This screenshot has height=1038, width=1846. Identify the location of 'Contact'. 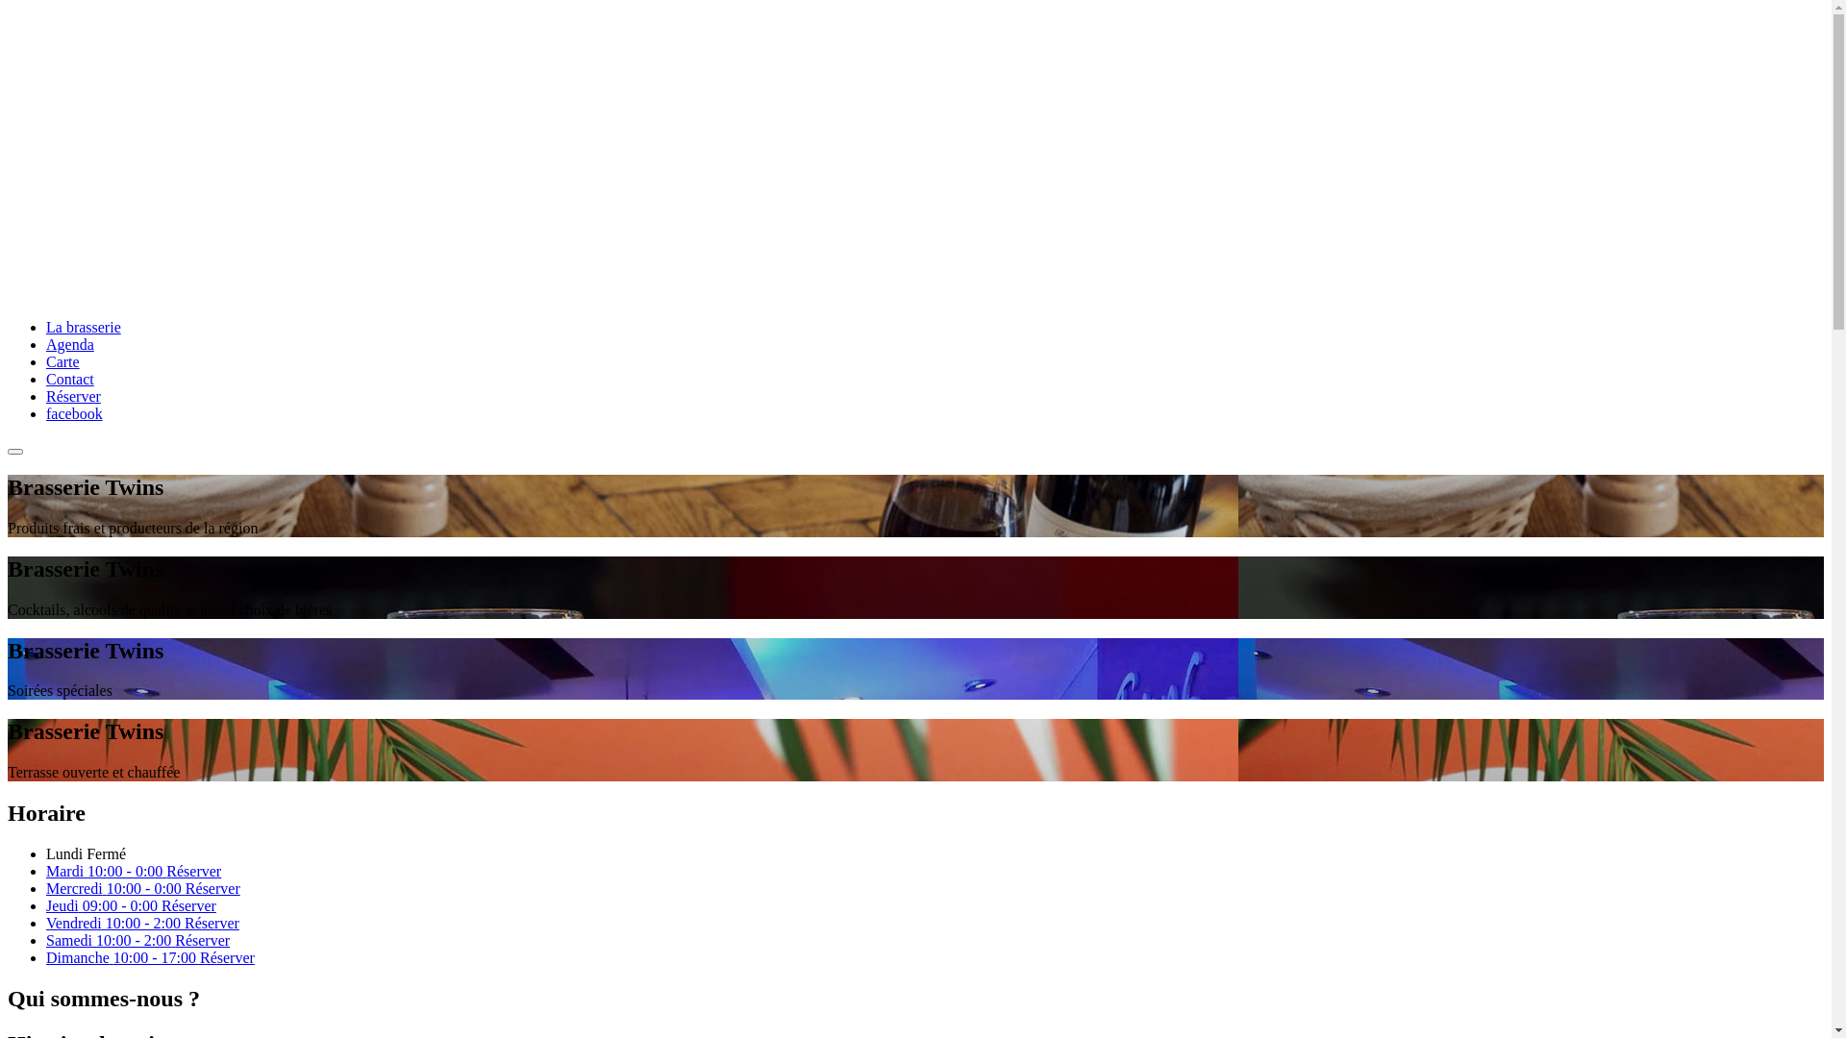
(69, 379).